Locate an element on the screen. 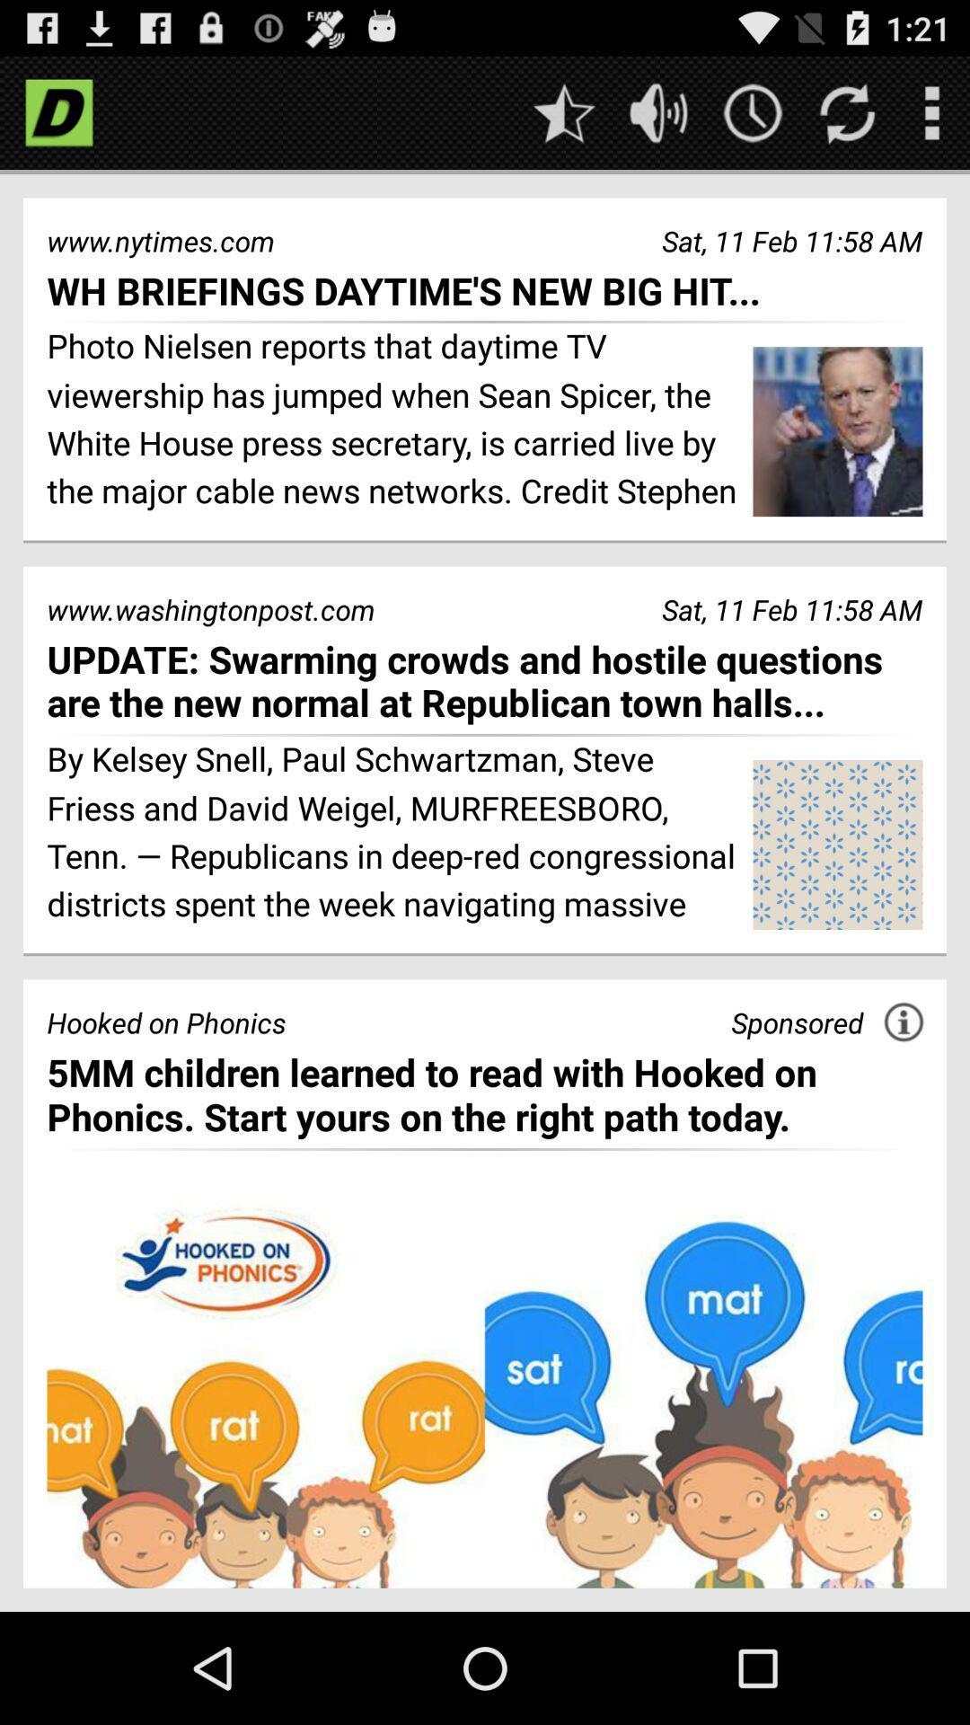 This screenshot has height=1725, width=970. the star icon is located at coordinates (563, 119).